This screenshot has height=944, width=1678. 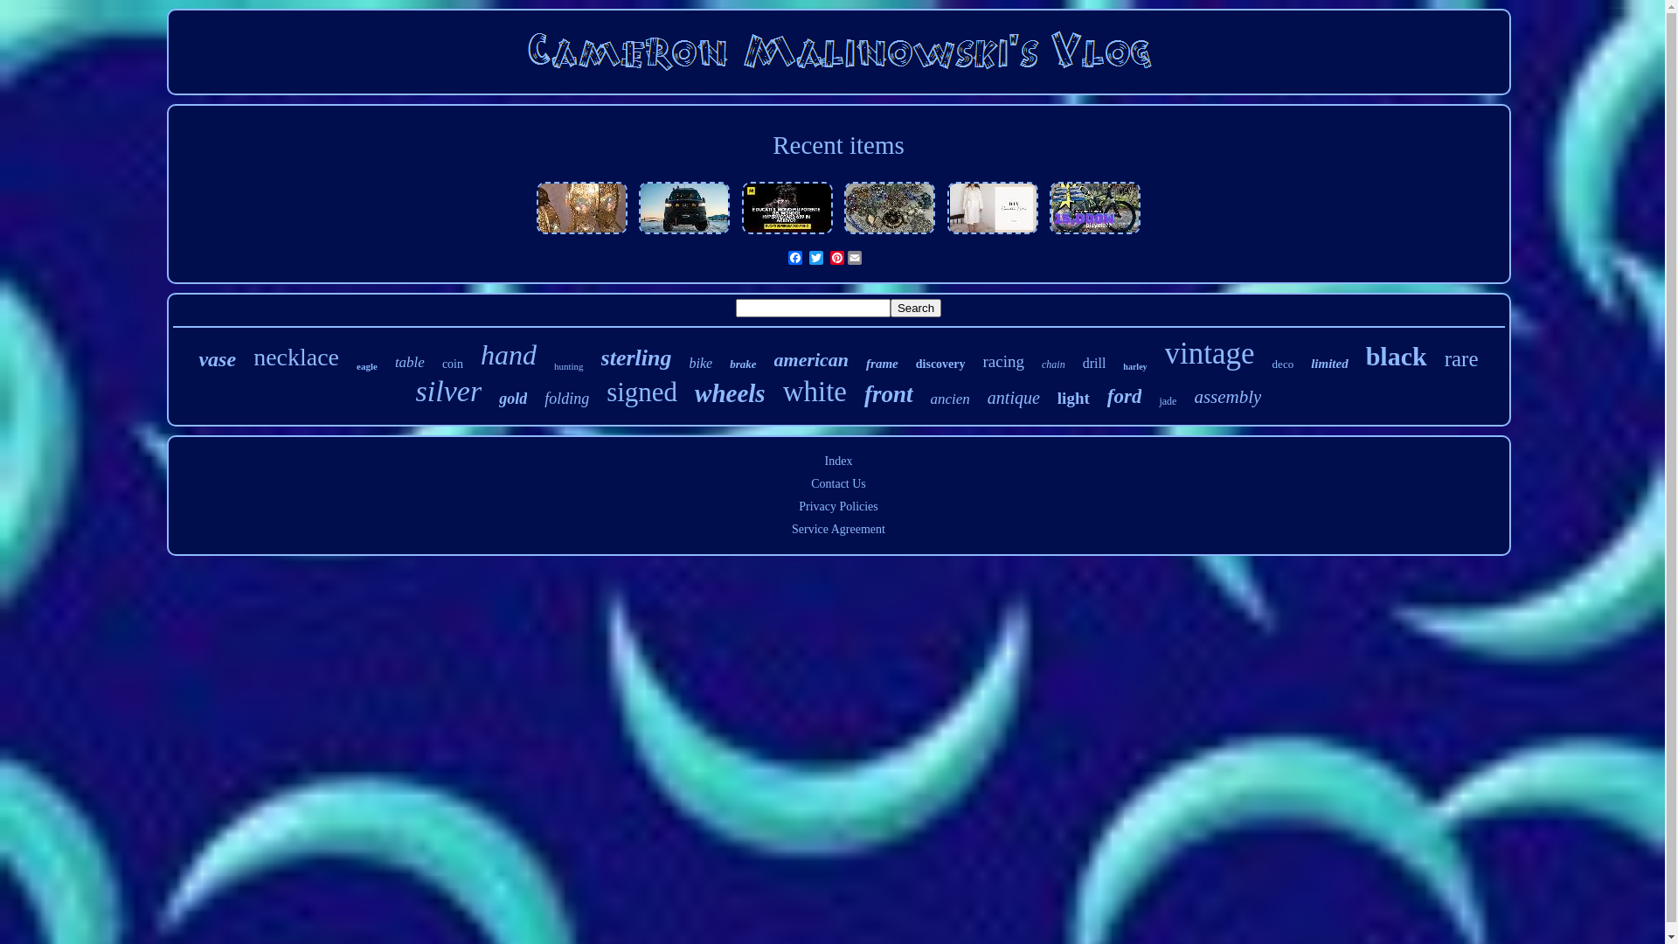 What do you see at coordinates (1052, 364) in the screenshot?
I see `'chain'` at bounding box center [1052, 364].